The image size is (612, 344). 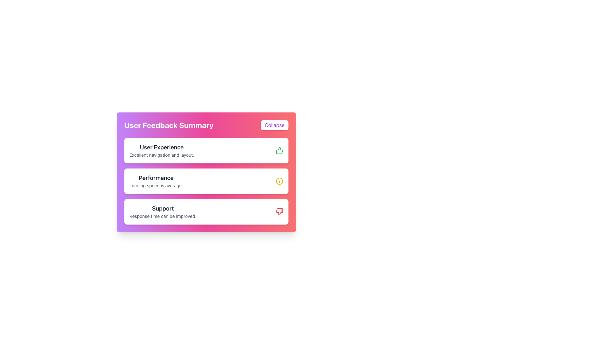 I want to click on the 'Support' text label, which is a gray, bold header in the third feedback card, positioned above 'Response time can be improved.', so click(x=163, y=209).